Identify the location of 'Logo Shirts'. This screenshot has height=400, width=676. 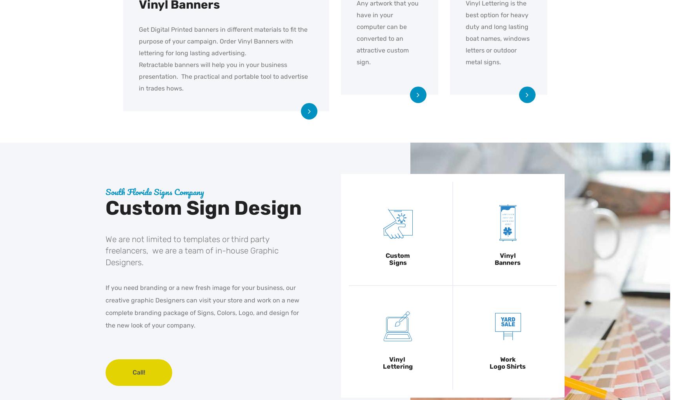
(507, 366).